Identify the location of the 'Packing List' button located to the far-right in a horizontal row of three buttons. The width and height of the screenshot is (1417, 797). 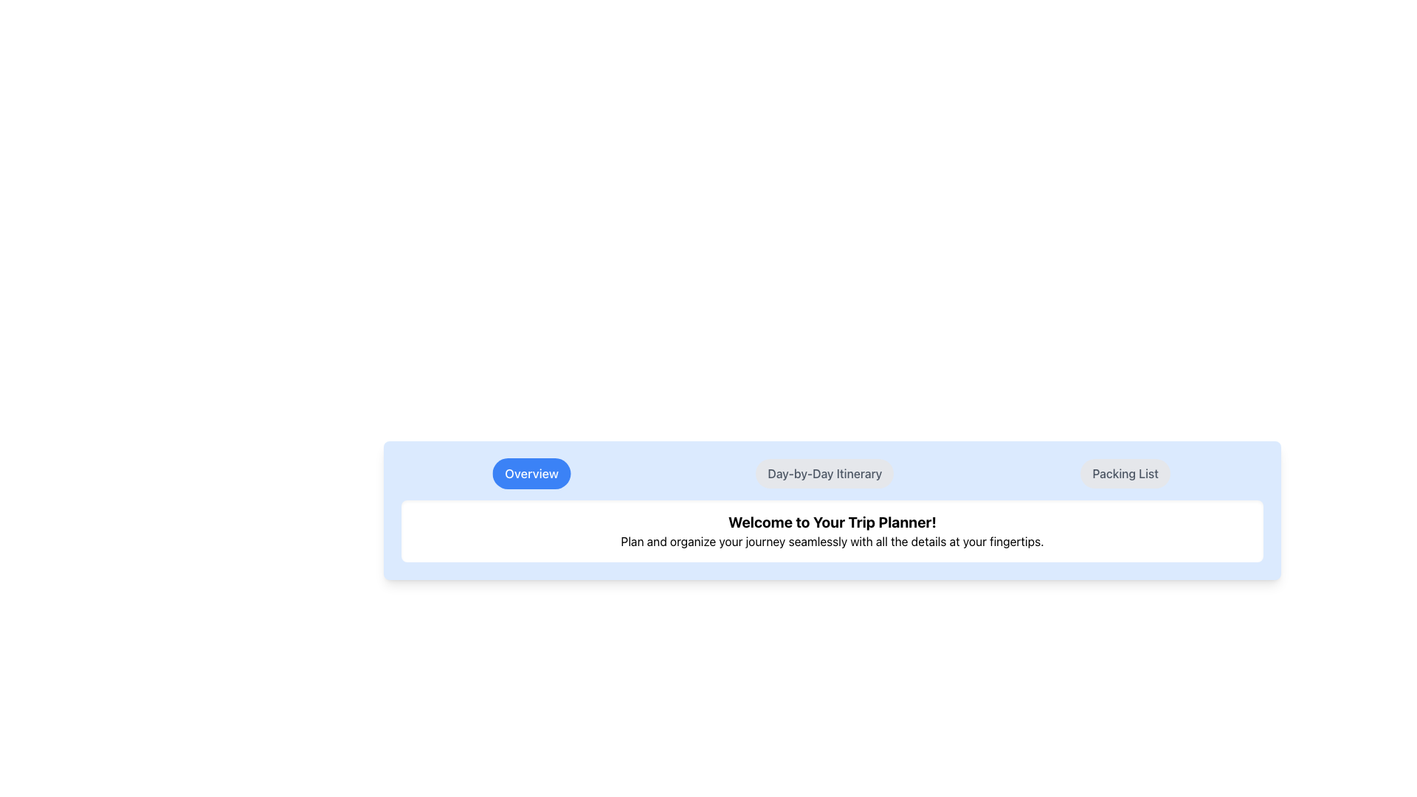
(1124, 473).